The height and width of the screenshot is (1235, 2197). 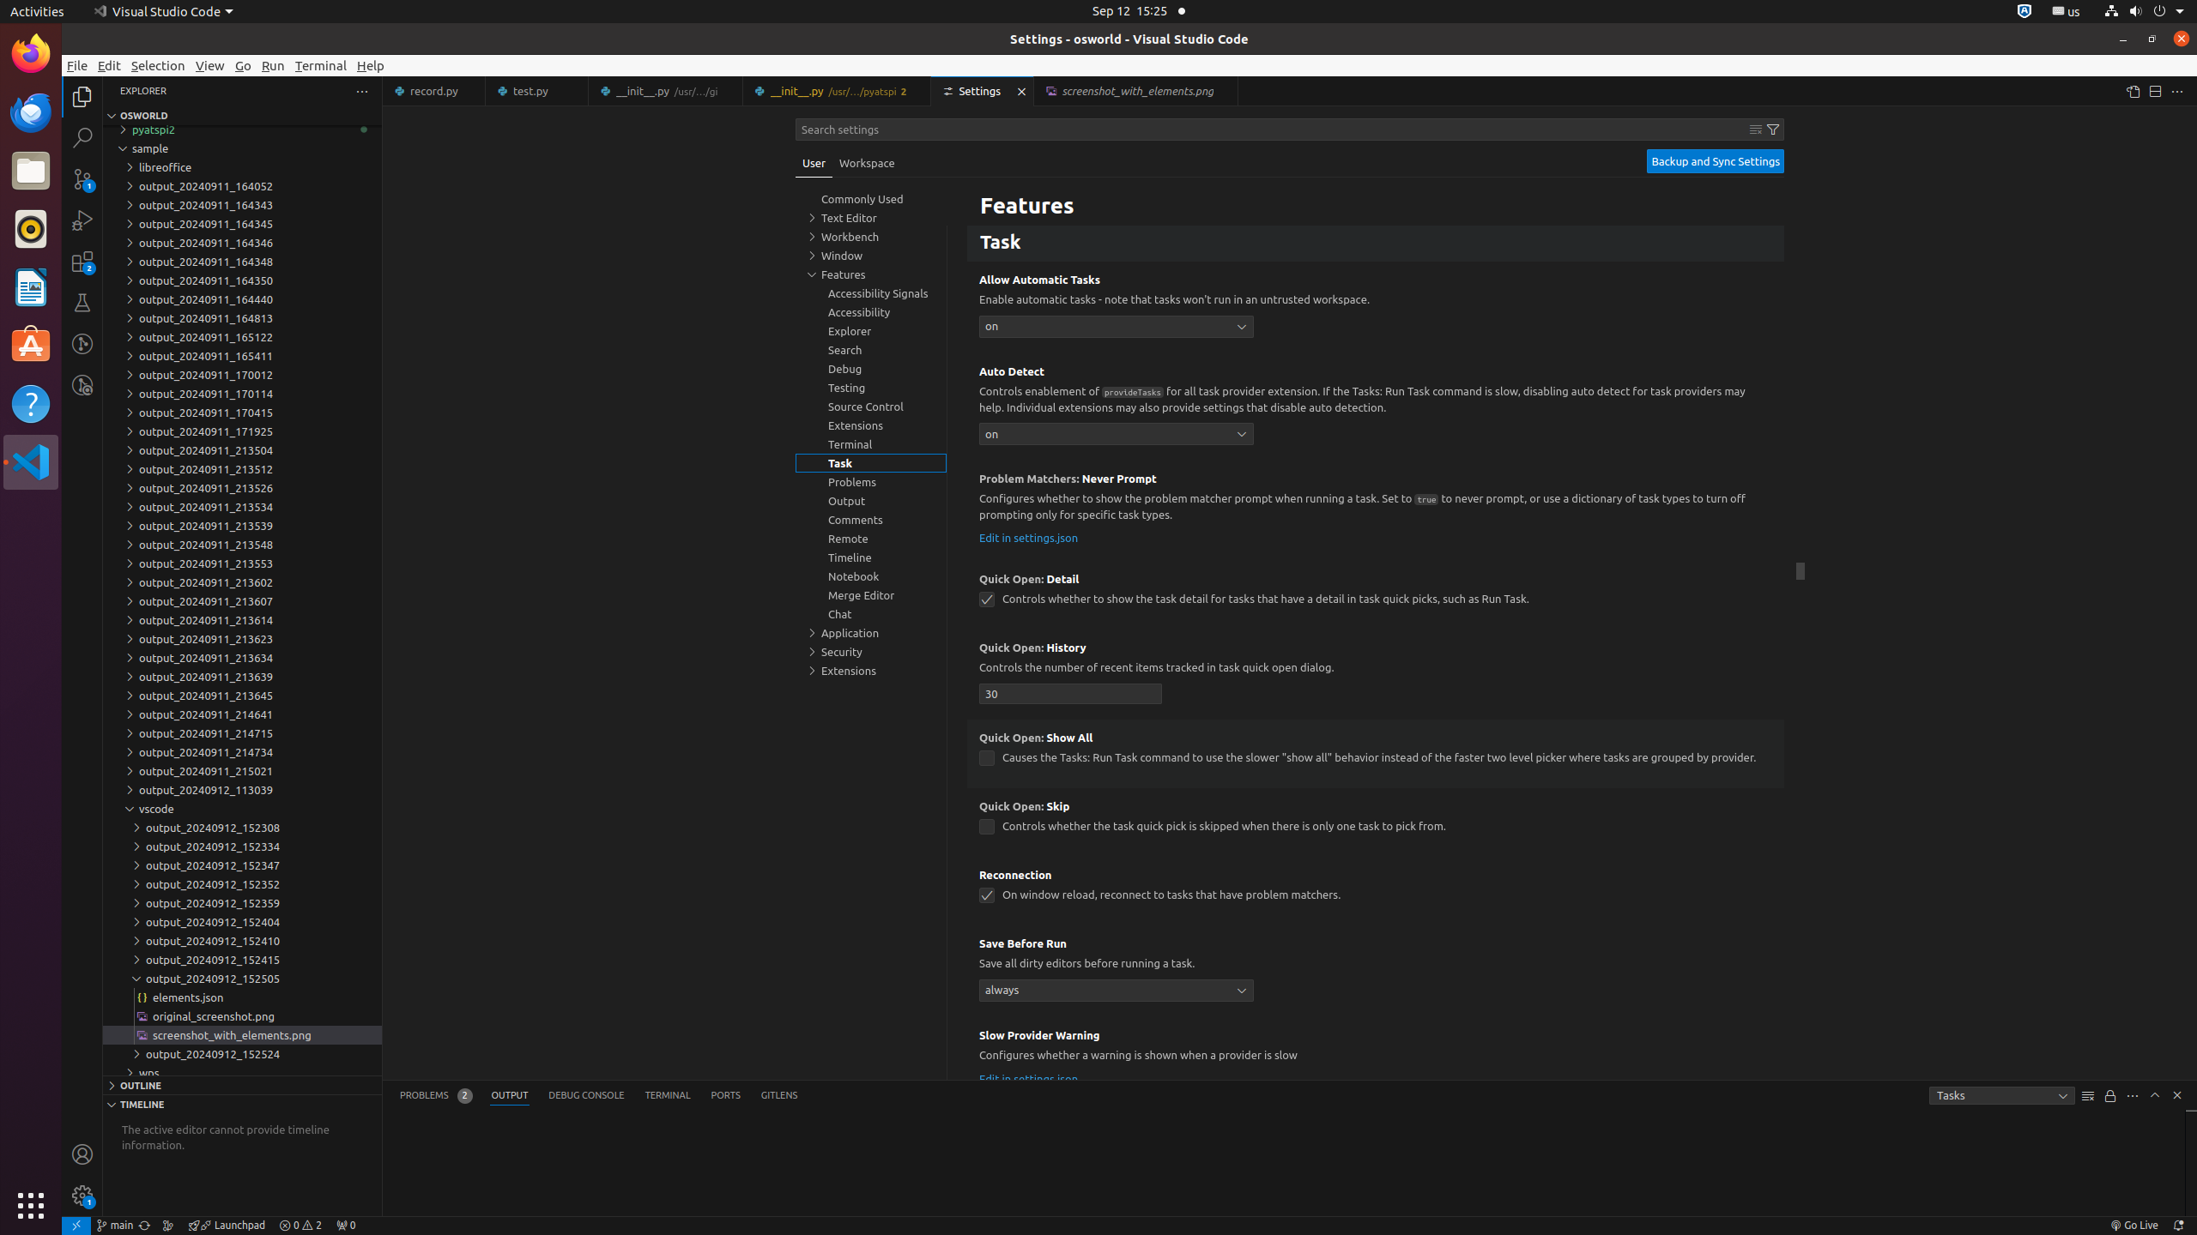 I want to click on 'task.quickOpen.showAll', so click(x=986, y=758).